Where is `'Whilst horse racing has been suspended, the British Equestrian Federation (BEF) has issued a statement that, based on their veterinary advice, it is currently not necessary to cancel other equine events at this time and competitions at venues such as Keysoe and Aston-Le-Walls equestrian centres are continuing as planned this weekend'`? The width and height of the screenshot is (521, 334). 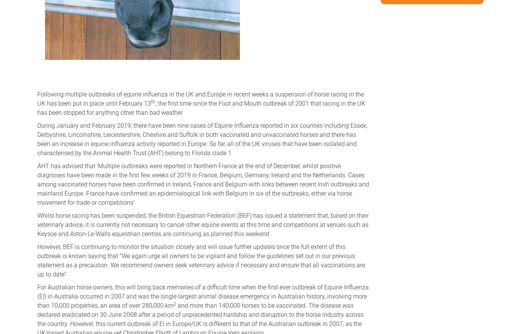
'Whilst horse racing has been suspended, the British Equestrian Federation (BEF) has issued a statement that, based on their veterinary advice, it is currently not necessary to cancel other equine events at this time and competitions at venues such as Keysoe and Aston-Le-Walls equestrian centres are continuing as planned this weekend' is located at coordinates (37, 223).